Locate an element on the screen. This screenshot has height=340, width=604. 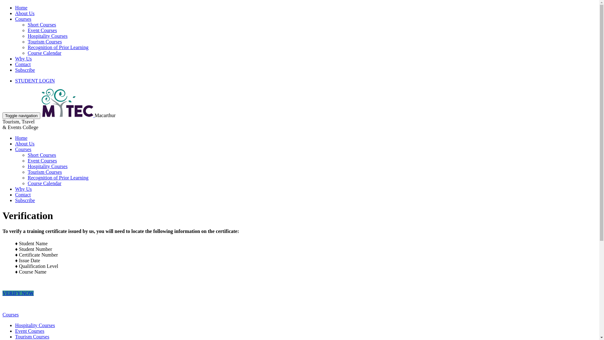
'Tourism Courses' is located at coordinates (44, 172).